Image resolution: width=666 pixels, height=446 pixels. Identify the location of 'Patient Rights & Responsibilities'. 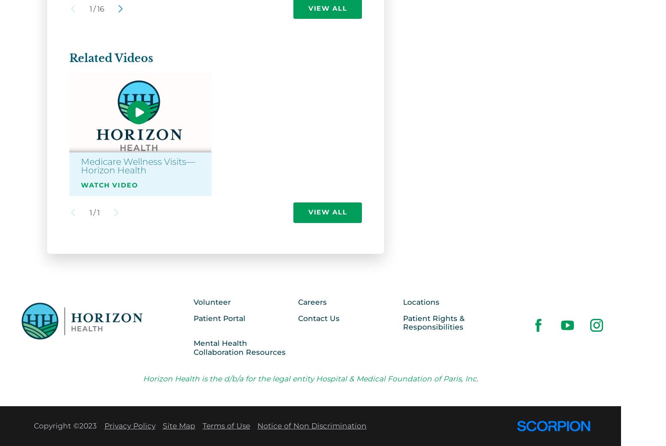
(433, 321).